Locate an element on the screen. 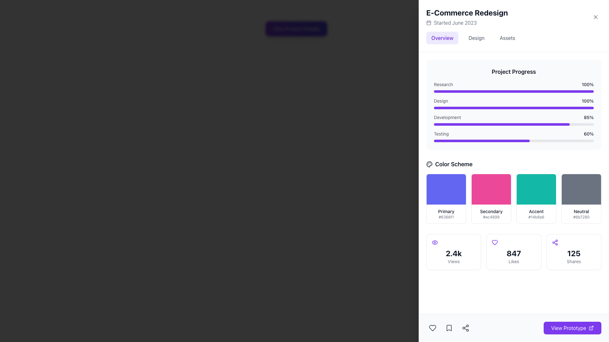 The image size is (609, 342). the 'Shares' text label, which is a small gray font label positioned below the larger text '125' in the bottom right corner of the interface is located at coordinates (574, 261).